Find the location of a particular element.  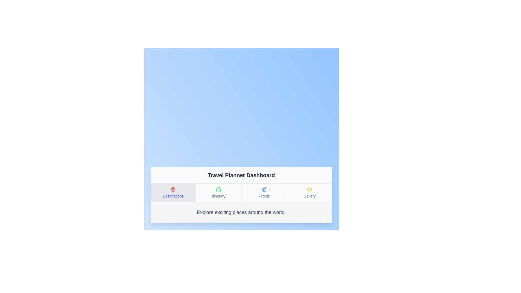

the fourth button in the horizontal menu, located at the far right is located at coordinates (309, 192).